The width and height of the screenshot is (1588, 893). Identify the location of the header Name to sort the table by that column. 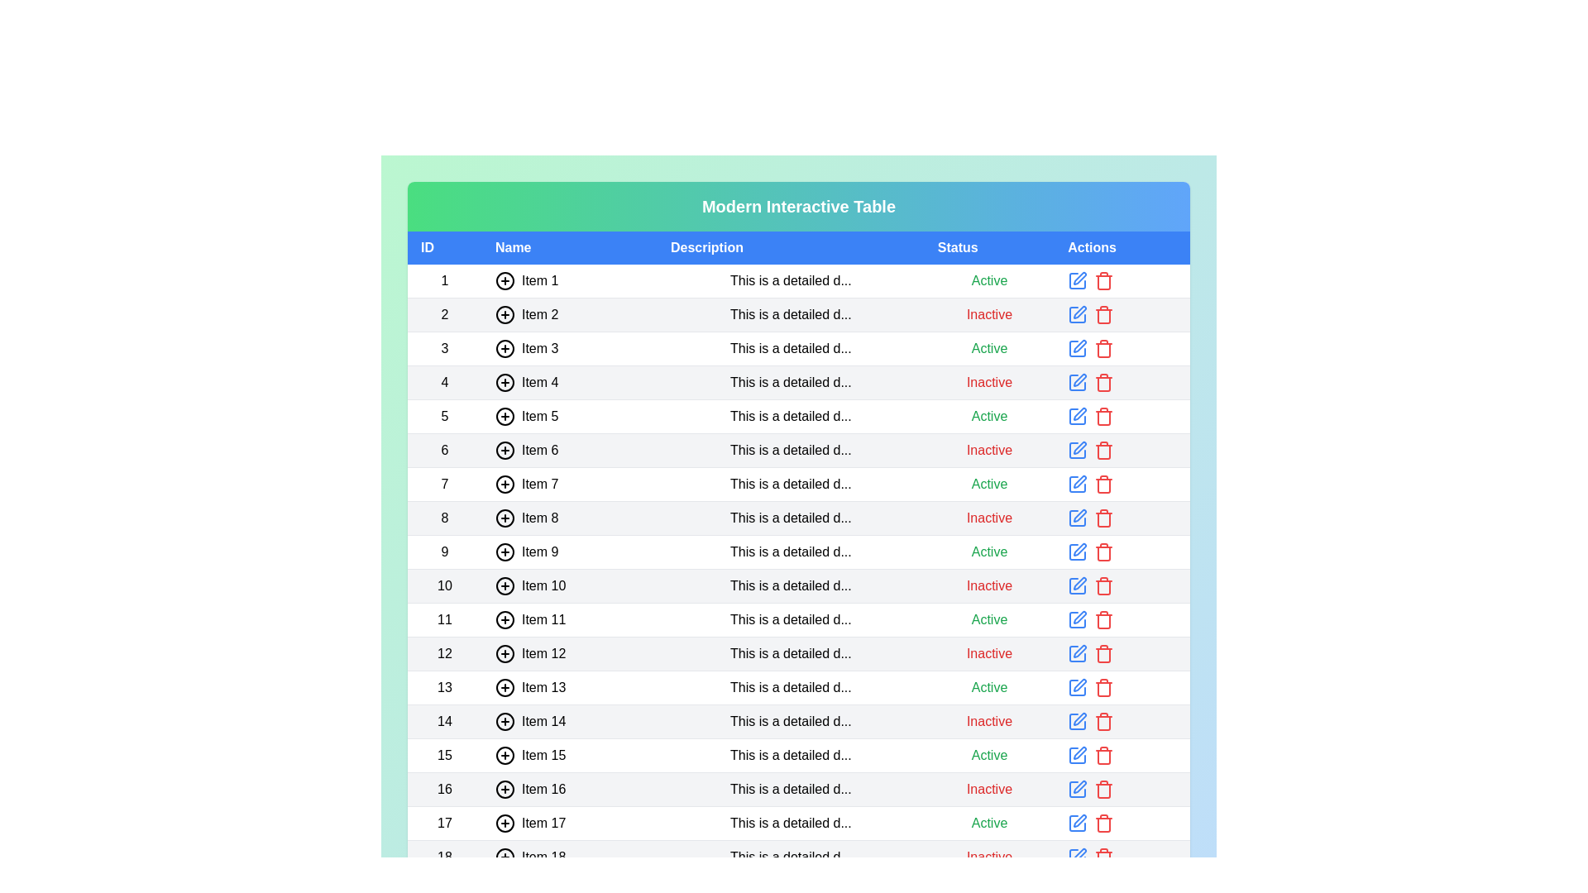
(569, 248).